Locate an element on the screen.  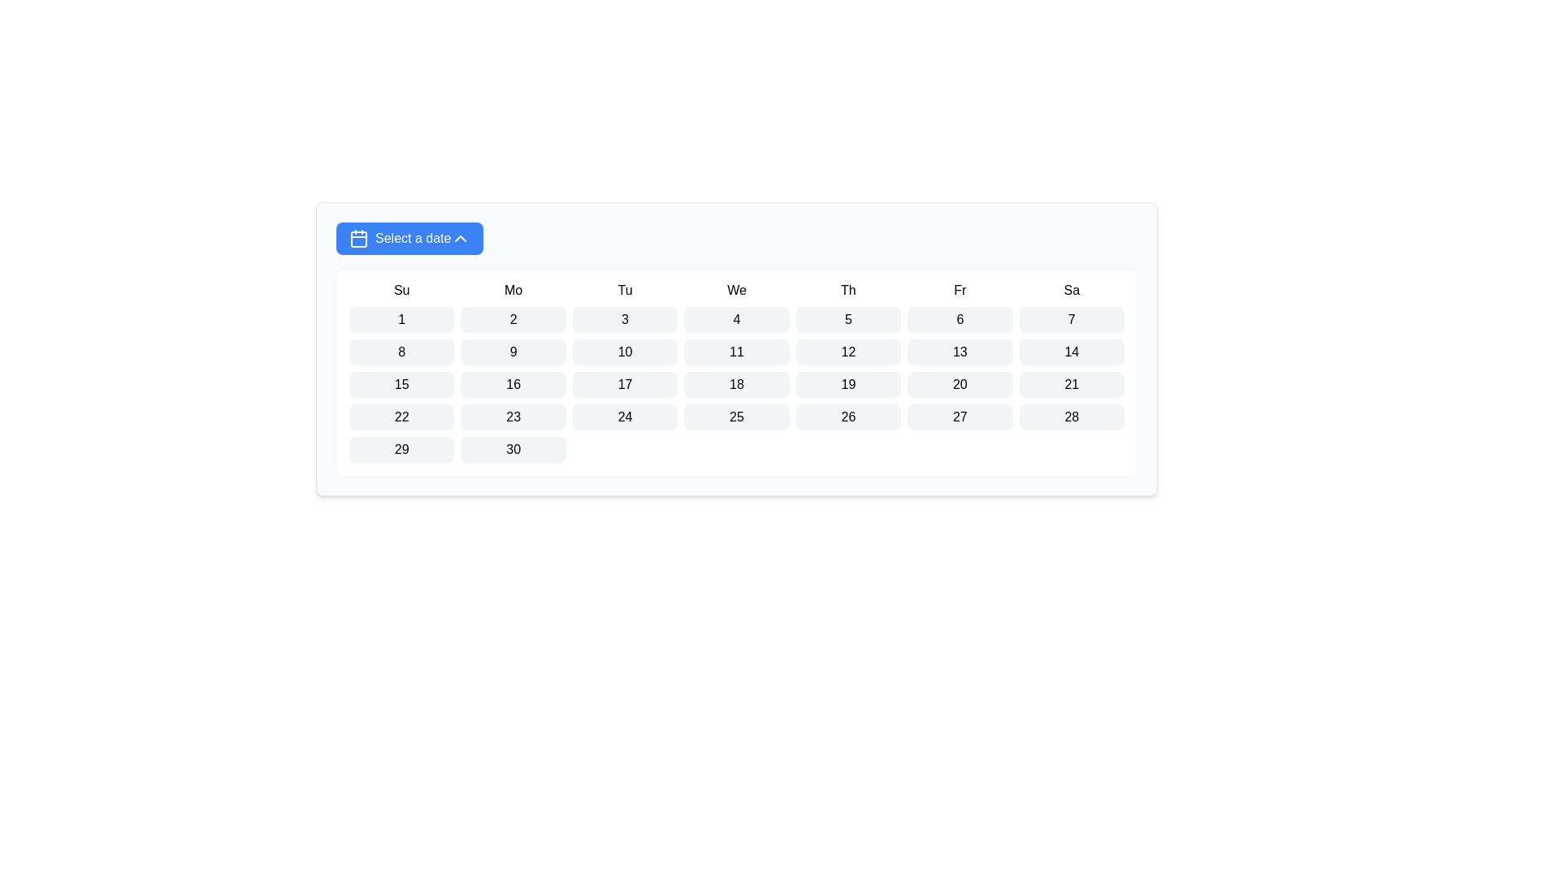
the button displaying the number '2' with a light gray background located in the second column of the first row of date buttons is located at coordinates (513, 319).